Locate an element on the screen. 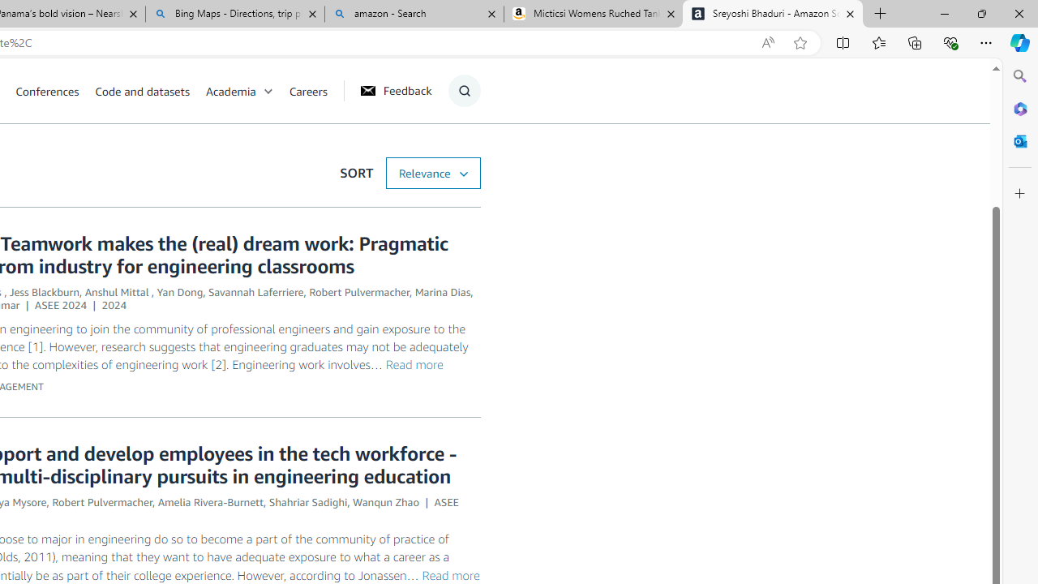 The width and height of the screenshot is (1038, 584). 'Conferences' is located at coordinates (47, 90).